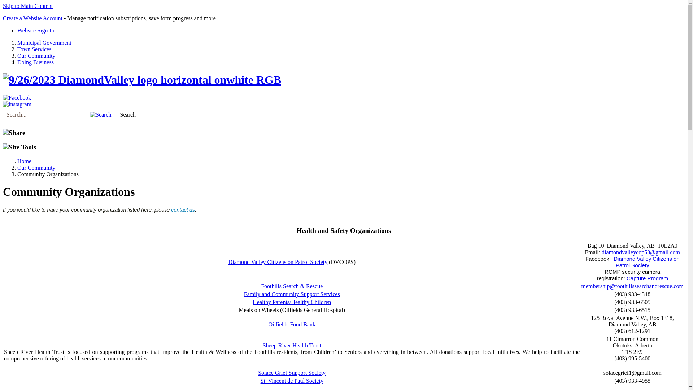 The height and width of the screenshot is (390, 693). I want to click on 'Our Community', so click(36, 168).